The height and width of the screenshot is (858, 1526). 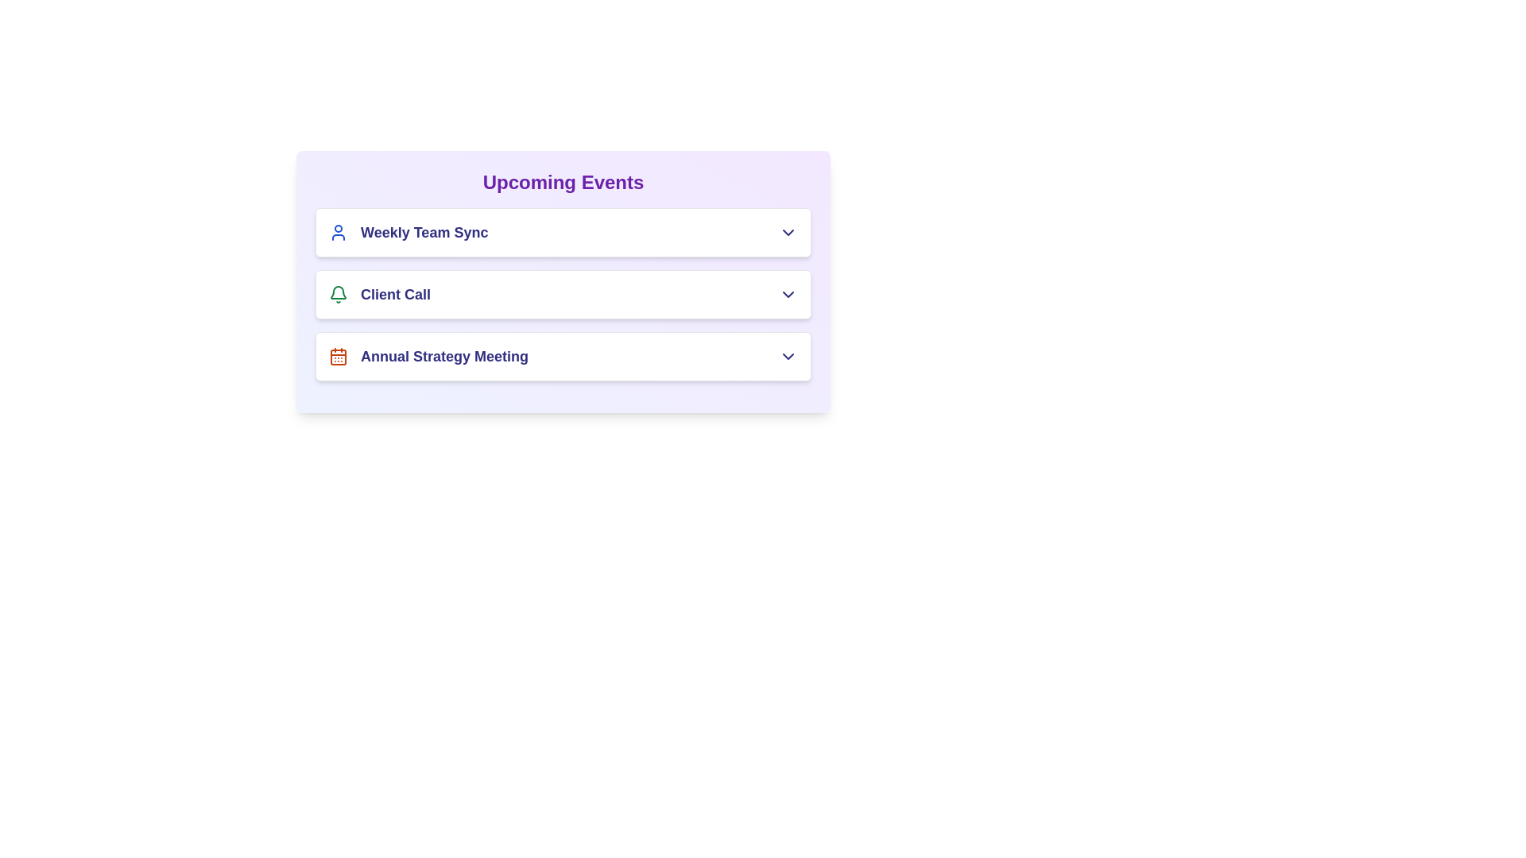 What do you see at coordinates (379, 294) in the screenshot?
I see `the 'Client Call' label with an icon that indicates the event's notification status, which is positioned between the 'Weekly Team Sync' and 'Annual Strategy Meeting' cards` at bounding box center [379, 294].